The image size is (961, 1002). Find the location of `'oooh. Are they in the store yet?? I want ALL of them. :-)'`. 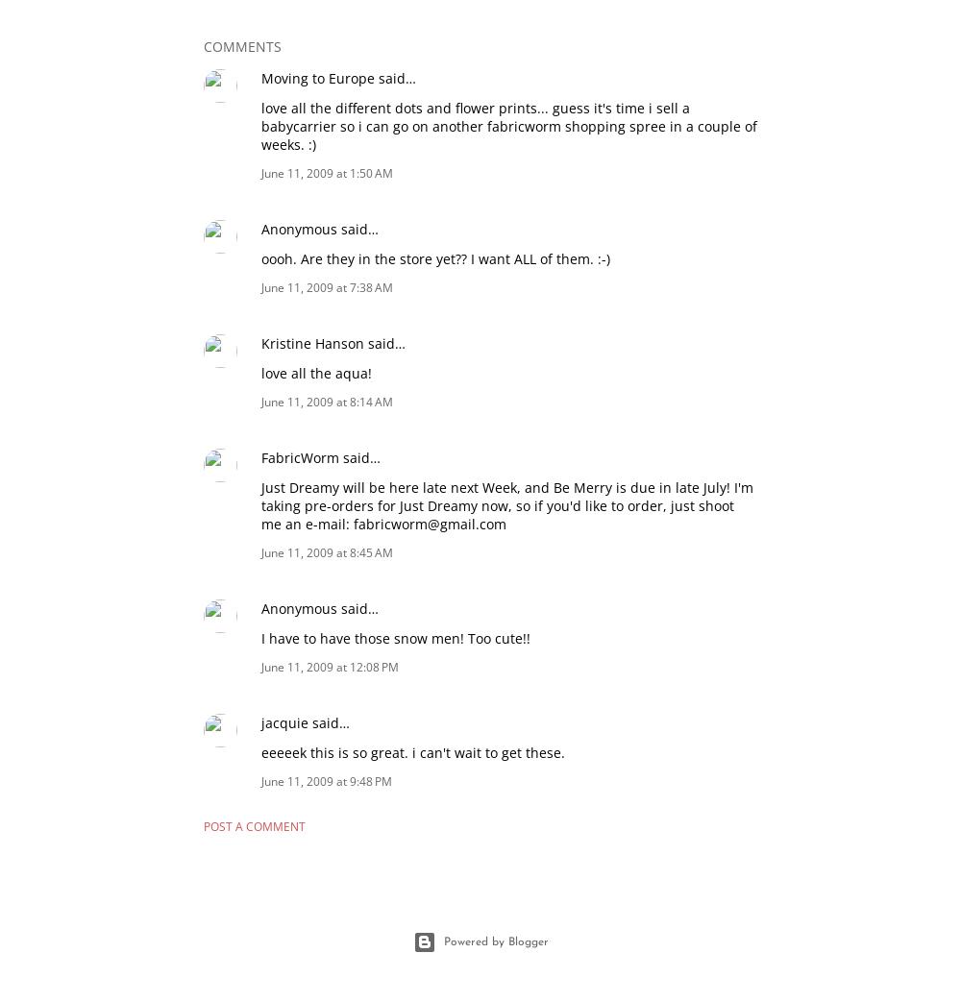

'oooh. Are they in the store yet?? I want ALL of them. :-)' is located at coordinates (434, 258).